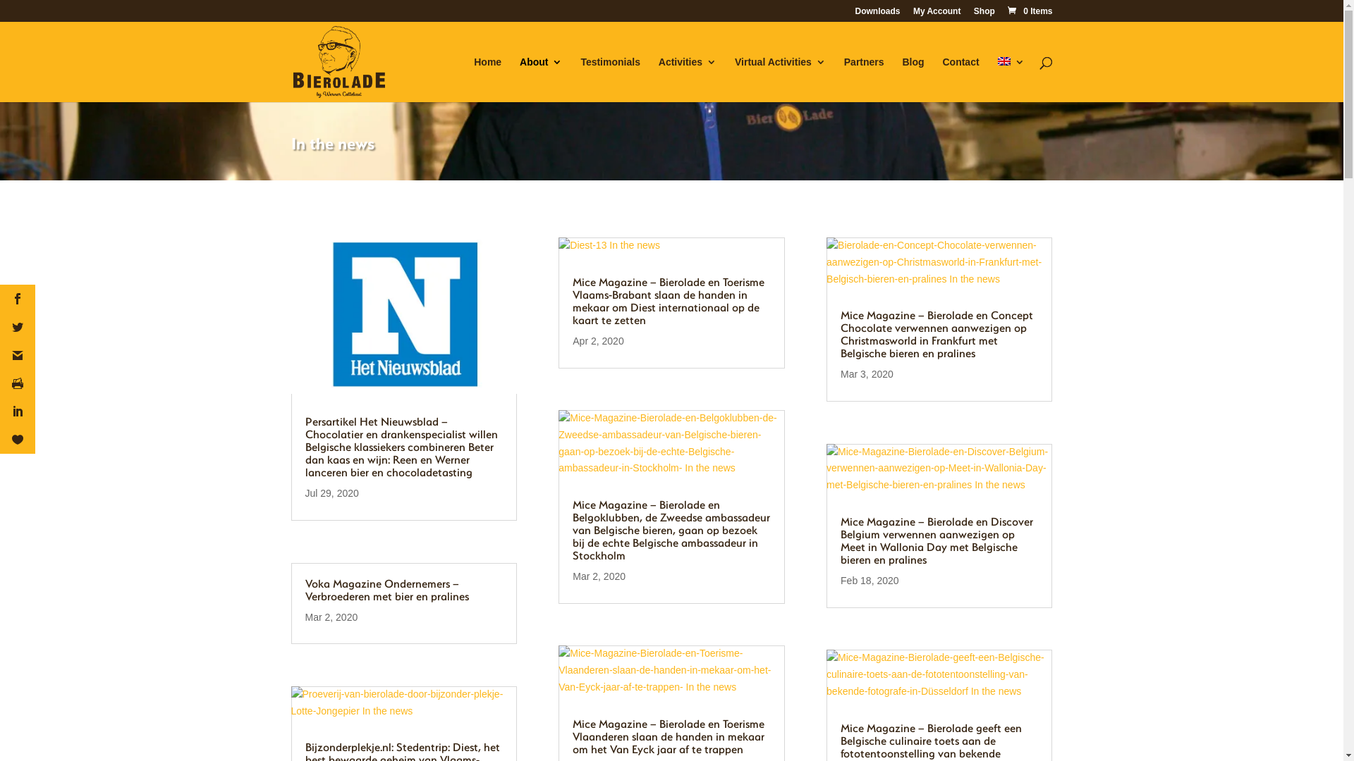  I want to click on '0 Items', so click(1029, 11).